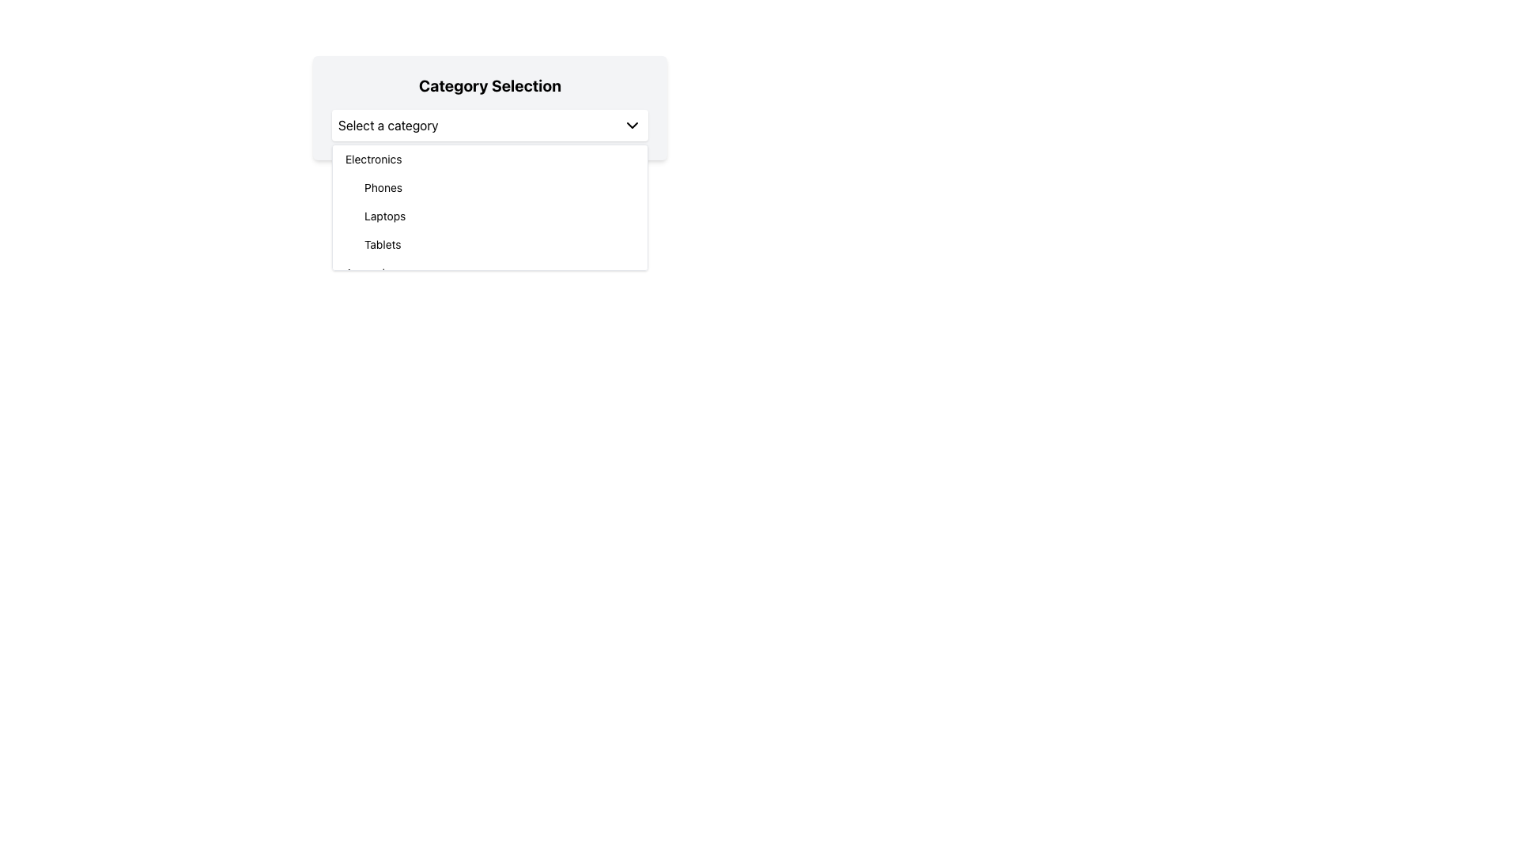  Describe the element at coordinates (499, 244) in the screenshot. I see `to select the 'Tablets' category from the dropdown menu, which is the third item in the list under 'Category Selection'` at that location.